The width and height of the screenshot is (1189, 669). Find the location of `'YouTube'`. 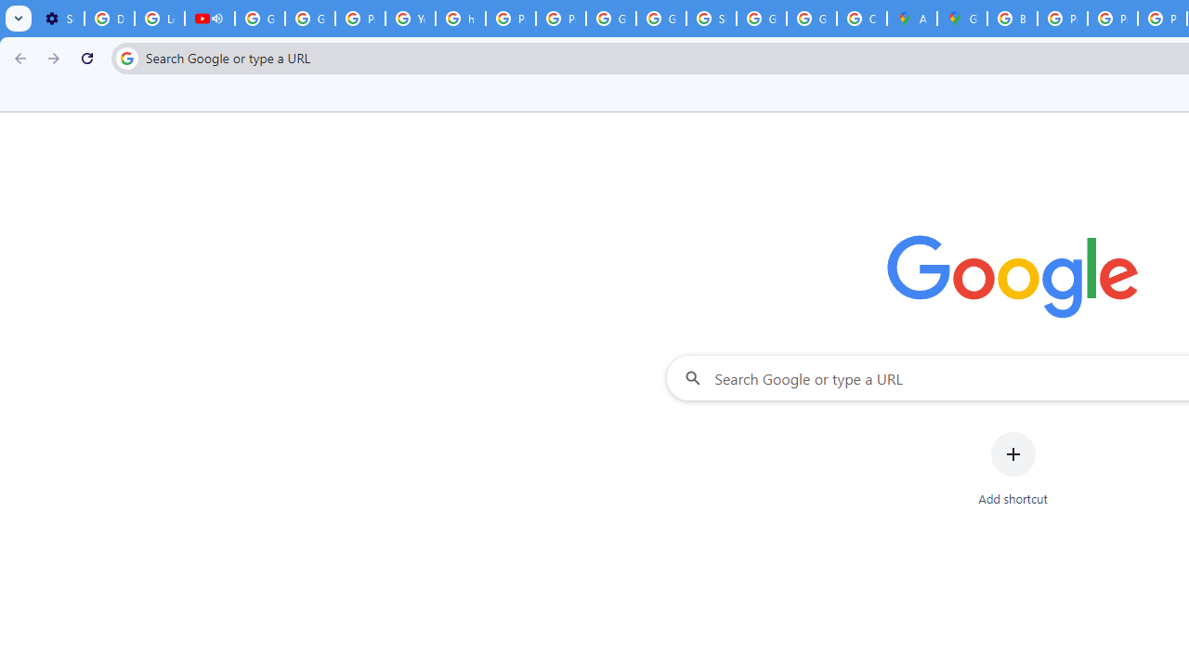

'YouTube' is located at coordinates (409, 19).